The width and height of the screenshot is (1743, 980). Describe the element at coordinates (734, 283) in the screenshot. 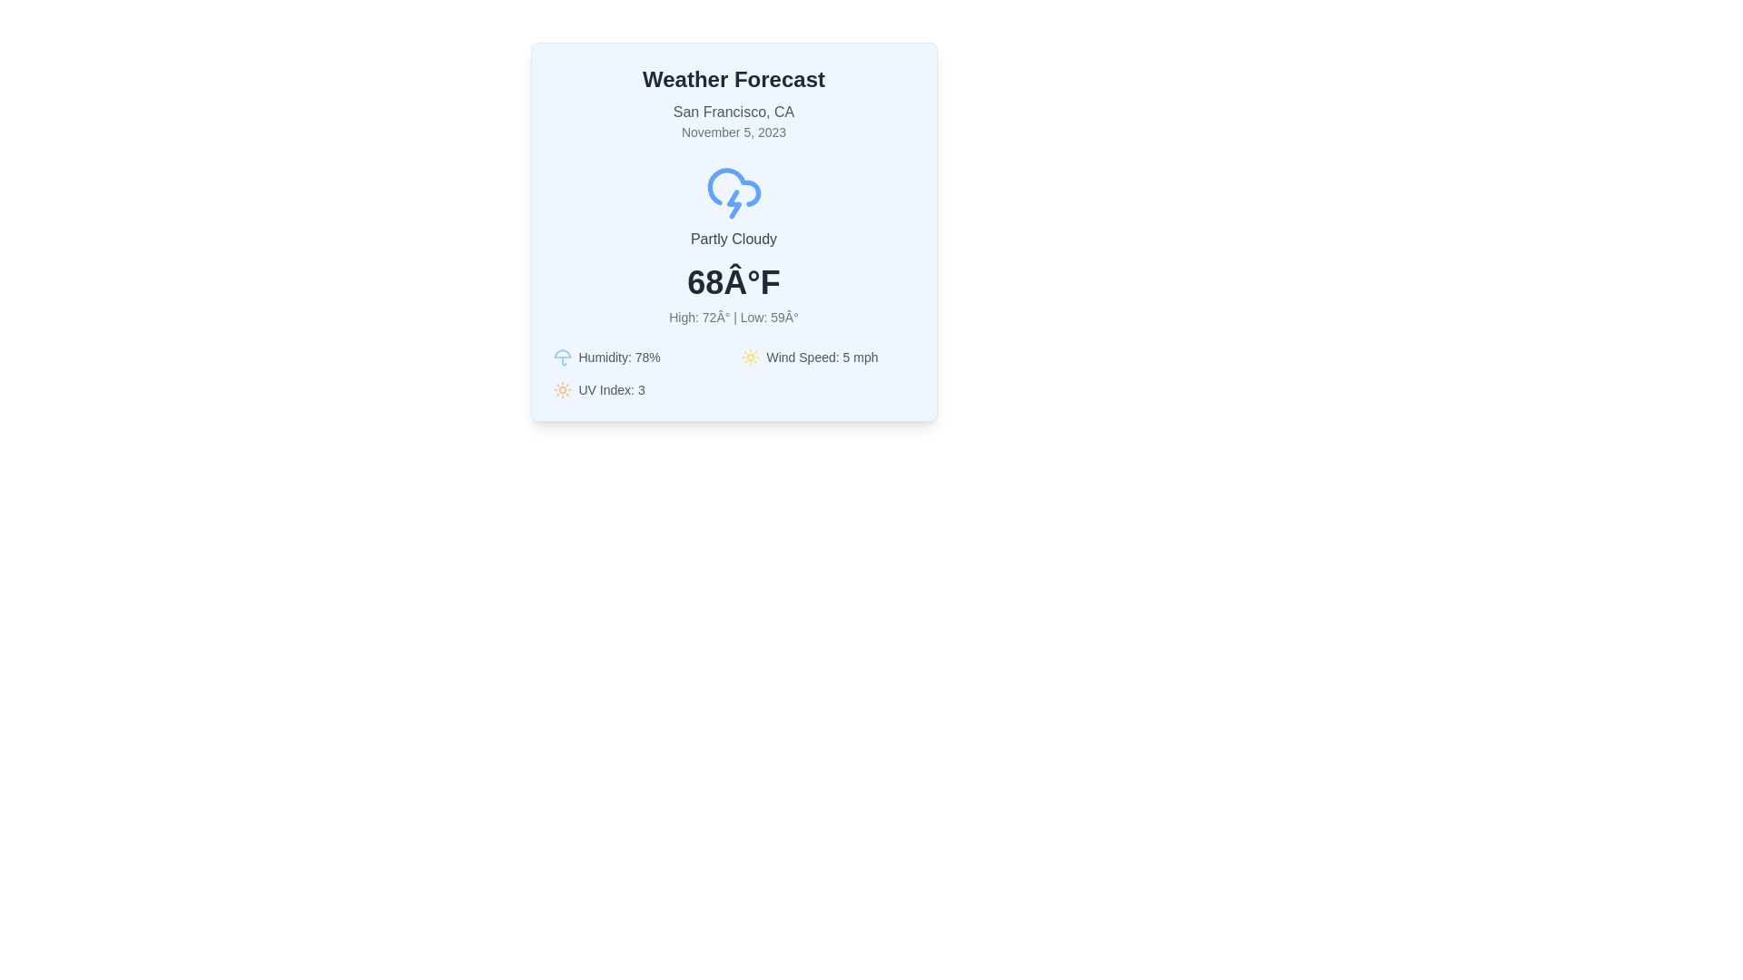

I see `the Text Element displaying '68°F', which is styled in a large, bold serif font and positioned below the 'Partly Cloudy' text` at that location.